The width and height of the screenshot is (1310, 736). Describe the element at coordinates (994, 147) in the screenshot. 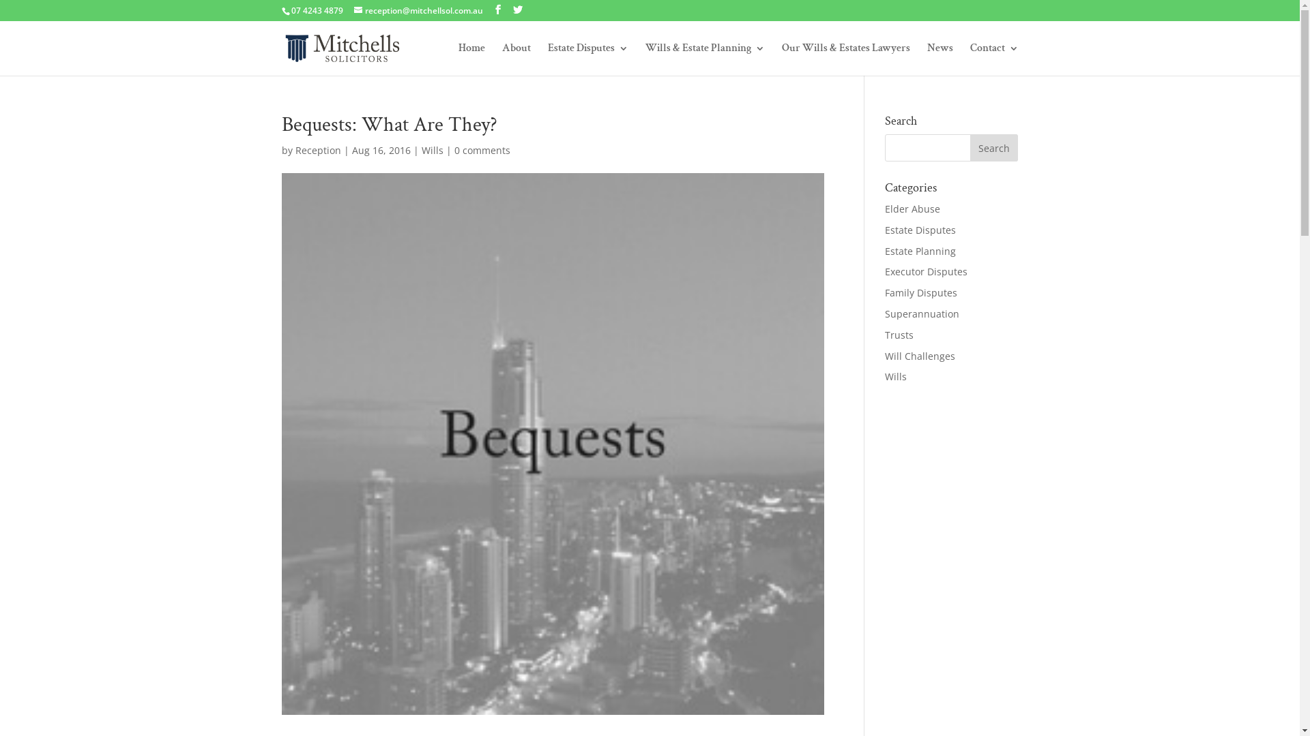

I see `'Search'` at that location.